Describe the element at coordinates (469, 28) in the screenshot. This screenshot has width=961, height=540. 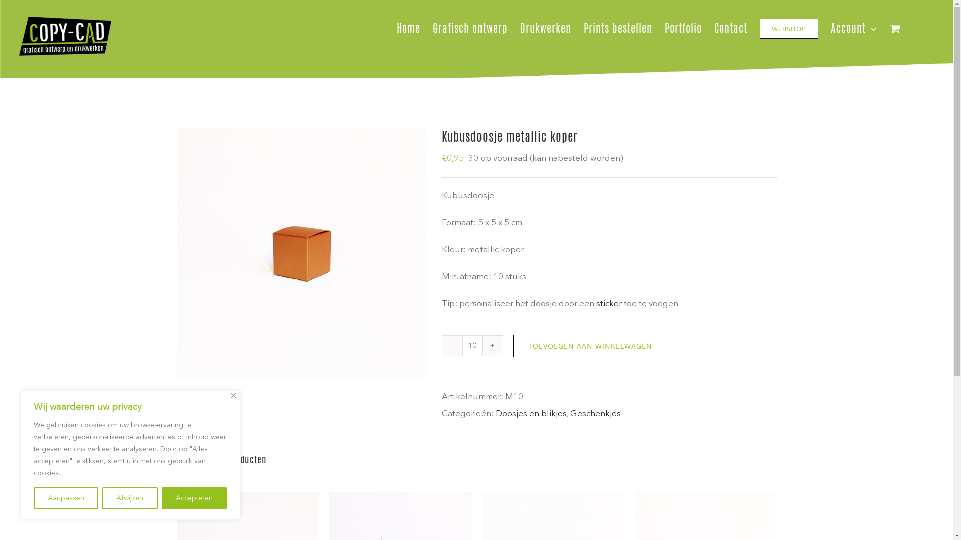
I see `'Grafisch ontwerp'` at that location.